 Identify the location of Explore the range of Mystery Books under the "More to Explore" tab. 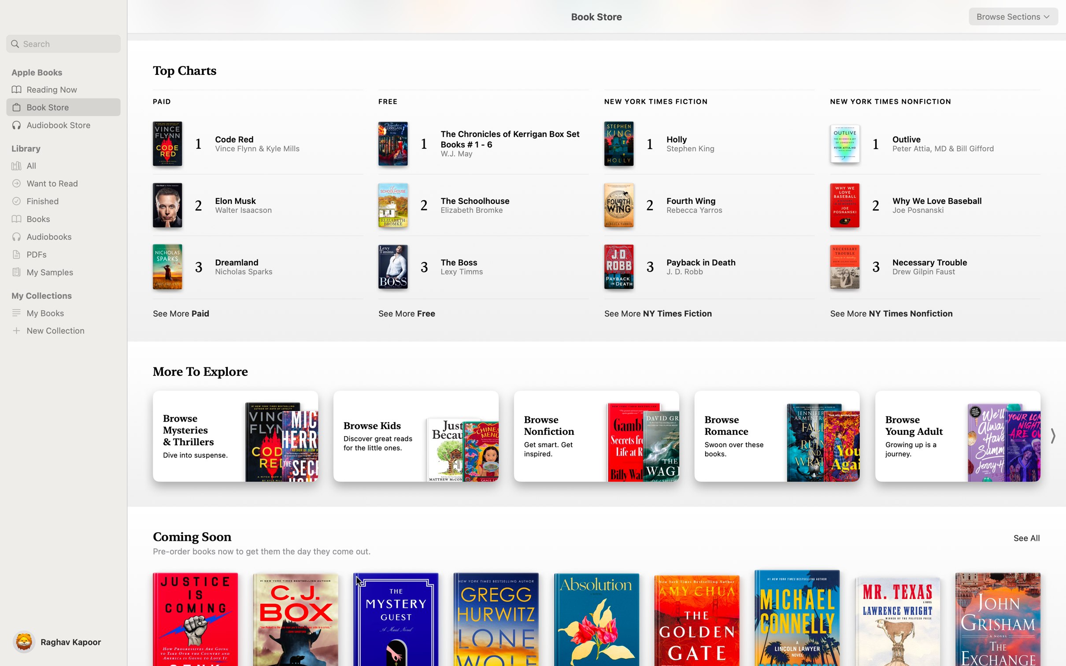
(235, 436).